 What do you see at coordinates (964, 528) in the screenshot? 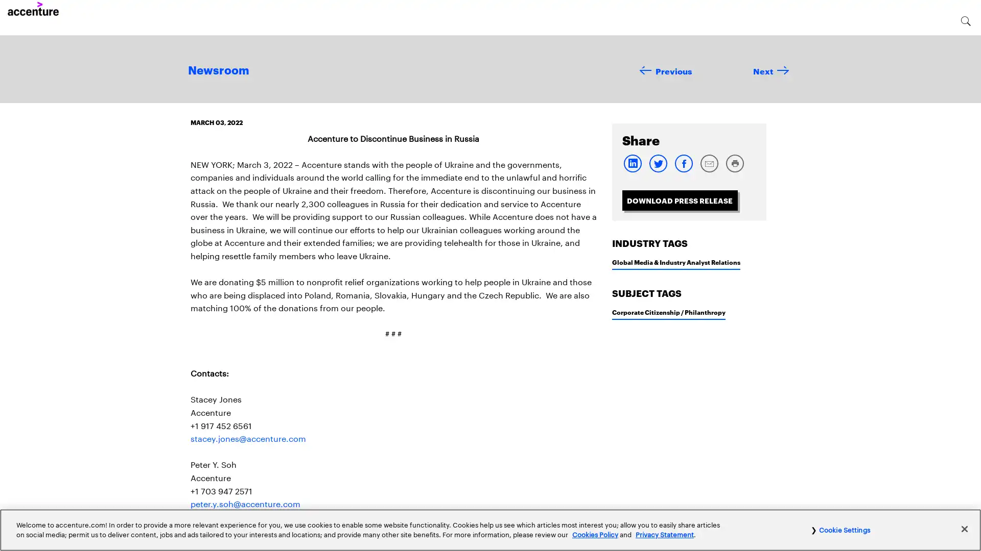
I see `Close` at bounding box center [964, 528].